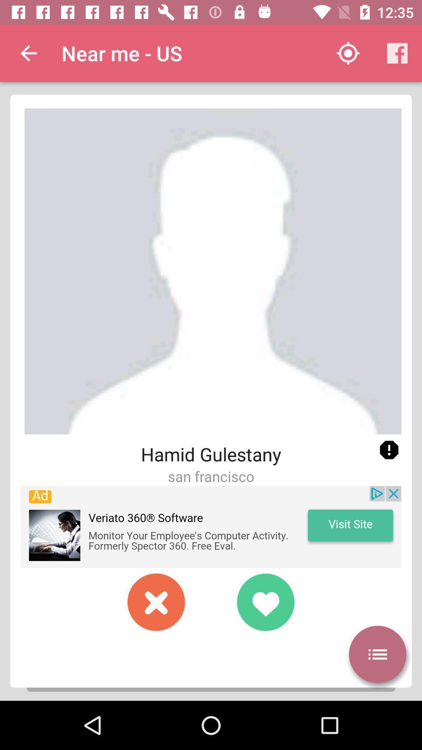 This screenshot has height=750, width=422. I want to click on report profile, so click(389, 450).